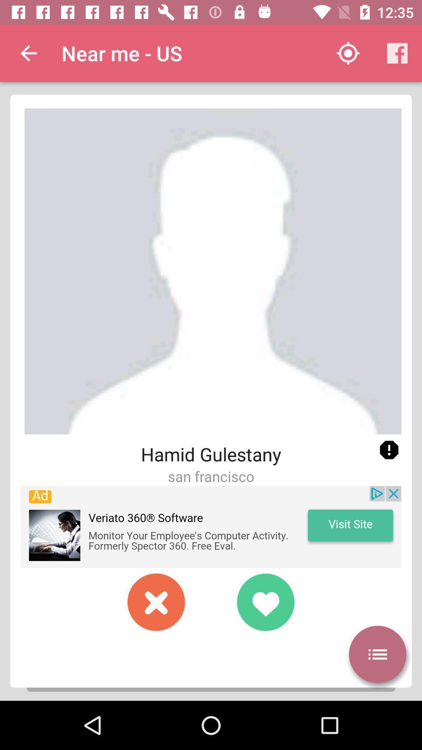 This screenshot has height=750, width=422. I want to click on report profile, so click(389, 450).